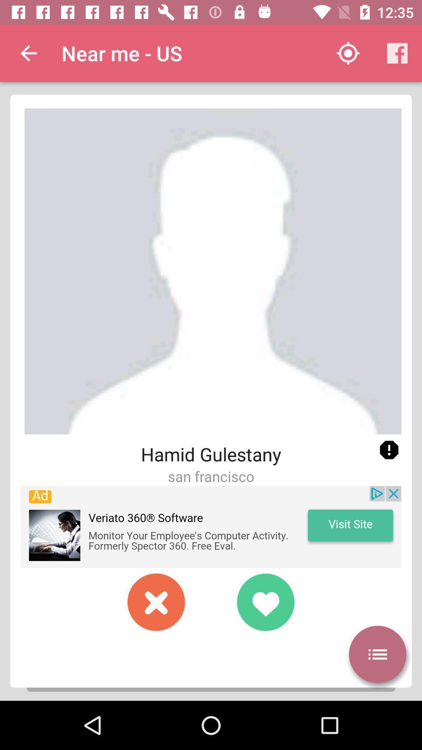 This screenshot has height=750, width=422. I want to click on report profile, so click(389, 450).